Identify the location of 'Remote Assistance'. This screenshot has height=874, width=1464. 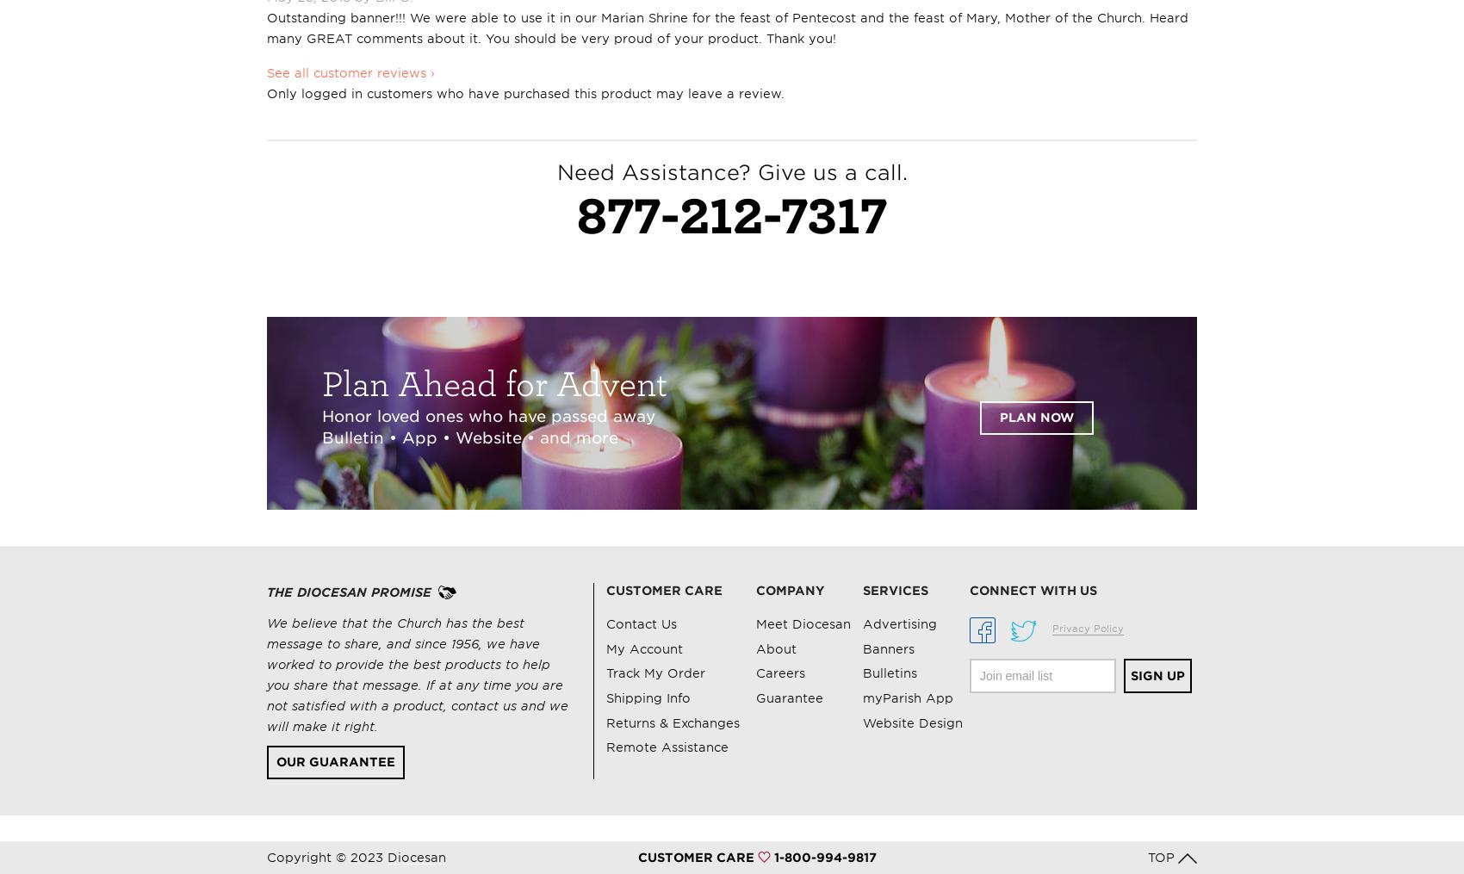
(667, 747).